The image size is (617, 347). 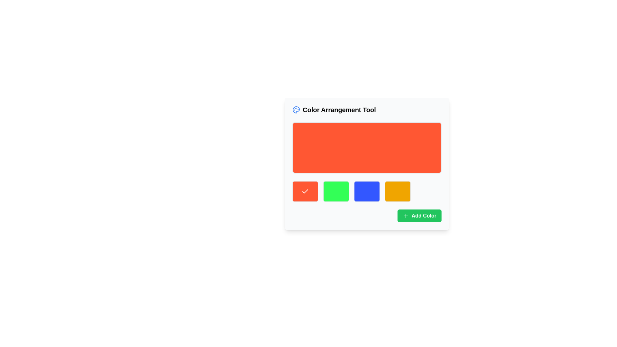 What do you see at coordinates (367, 163) in the screenshot?
I see `the orange rectangular area with rounded corners in the 'Color Arrangement Tool' interface, positioned beneath the title and above the smaller color blocks and 'Add Color' button` at bounding box center [367, 163].